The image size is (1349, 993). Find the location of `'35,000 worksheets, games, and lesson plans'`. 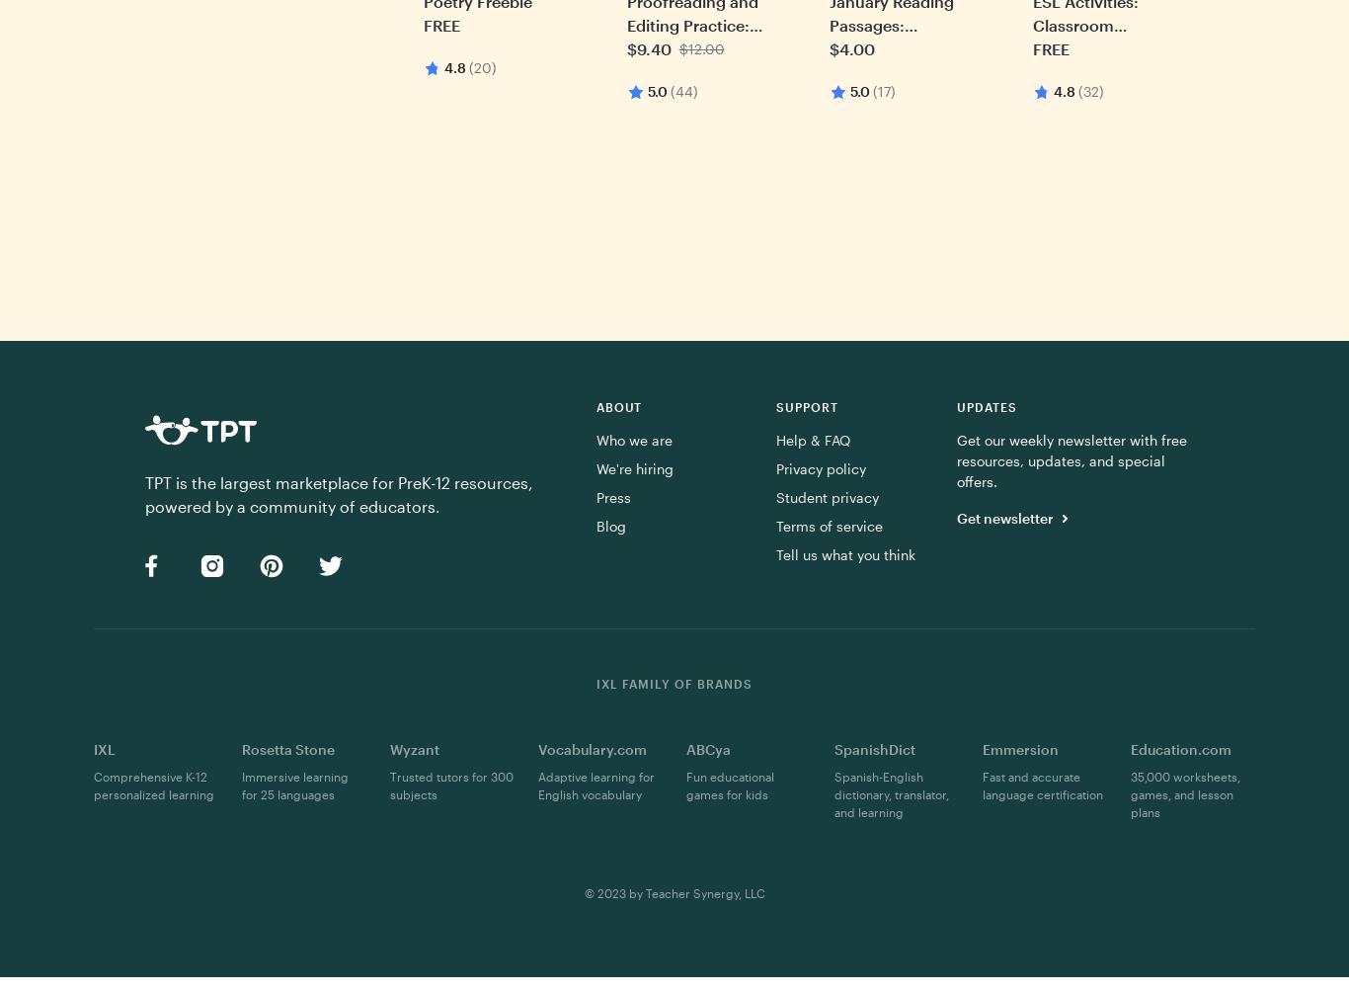

'35,000 worksheets, games, and lesson plans' is located at coordinates (1185, 792).